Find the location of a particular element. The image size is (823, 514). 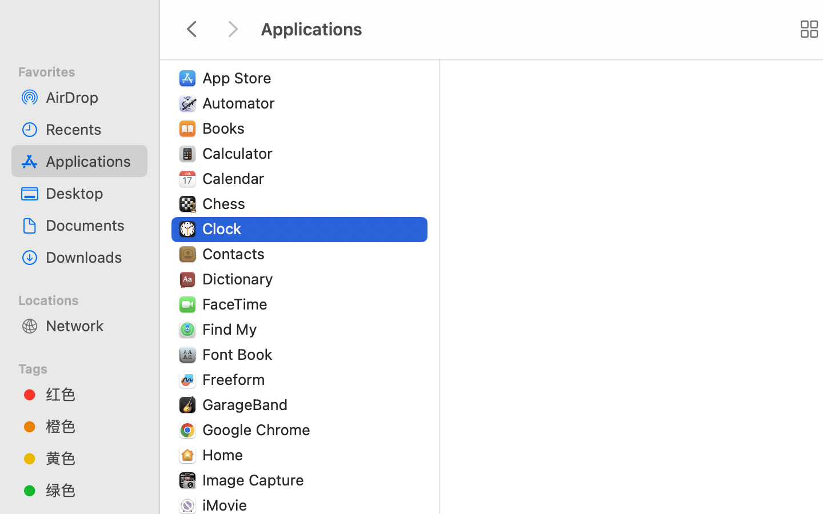

'Desktop' is located at coordinates (91, 193).